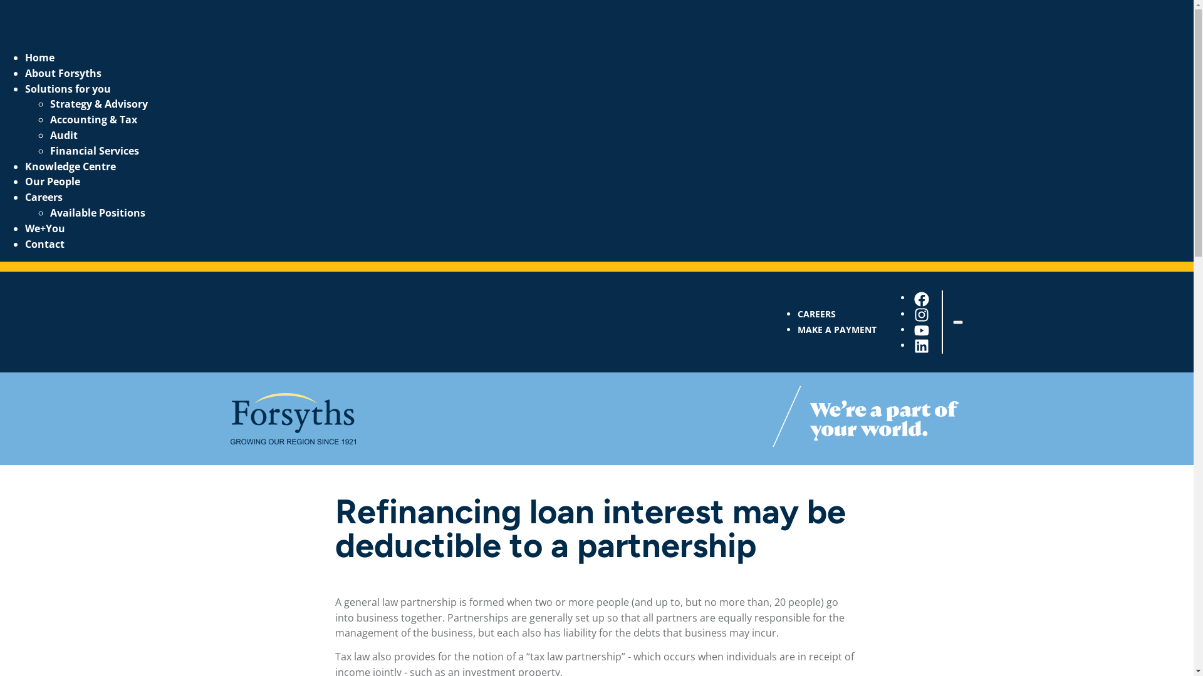 The width and height of the screenshot is (1203, 676). I want to click on 'CAREERS', so click(816, 313).